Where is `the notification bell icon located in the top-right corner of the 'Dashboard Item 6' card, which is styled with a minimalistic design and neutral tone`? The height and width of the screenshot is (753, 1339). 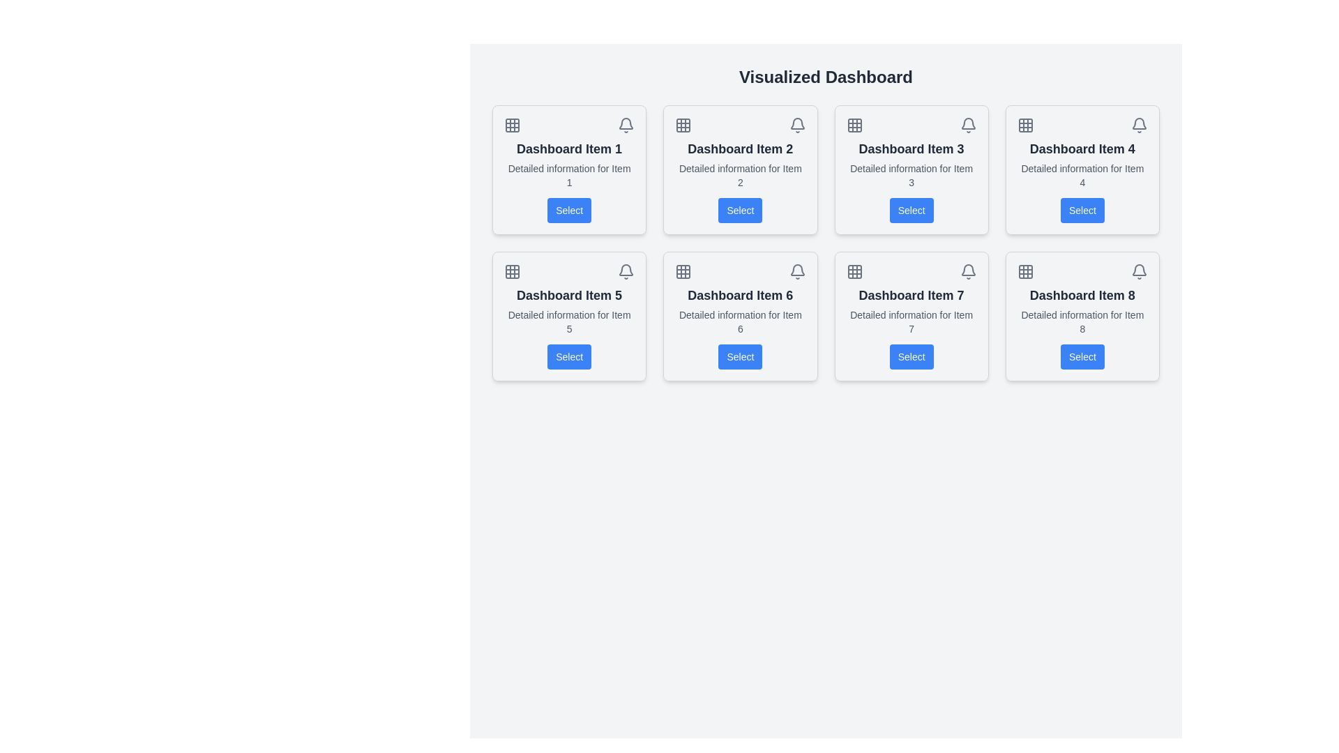
the notification bell icon located in the top-right corner of the 'Dashboard Item 6' card, which is styled with a minimalistic design and neutral tone is located at coordinates (797, 270).